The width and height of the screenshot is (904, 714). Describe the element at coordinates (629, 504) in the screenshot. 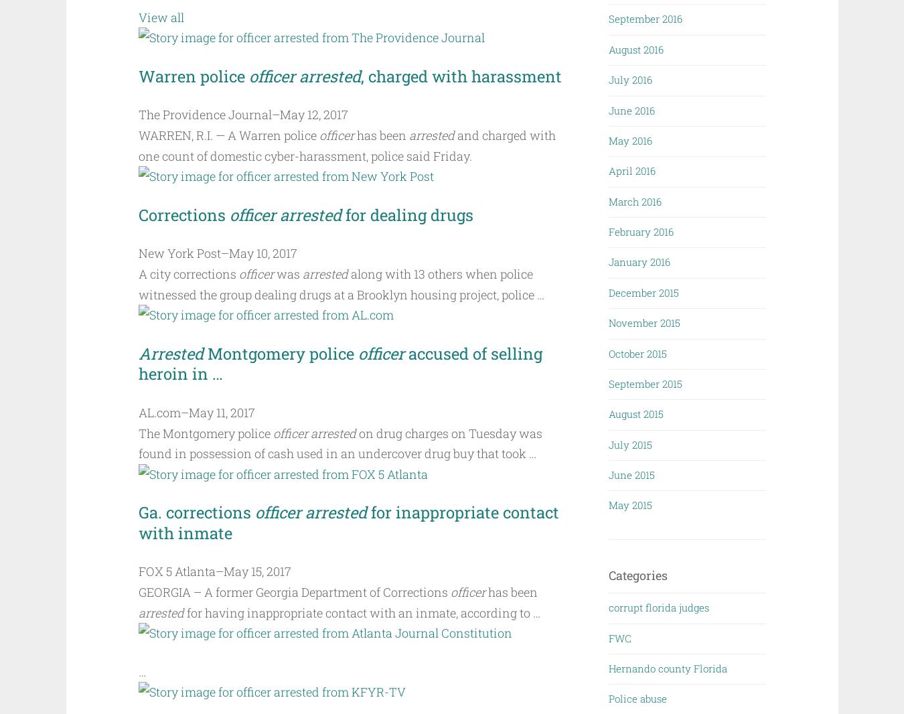

I see `'May 2015'` at that location.